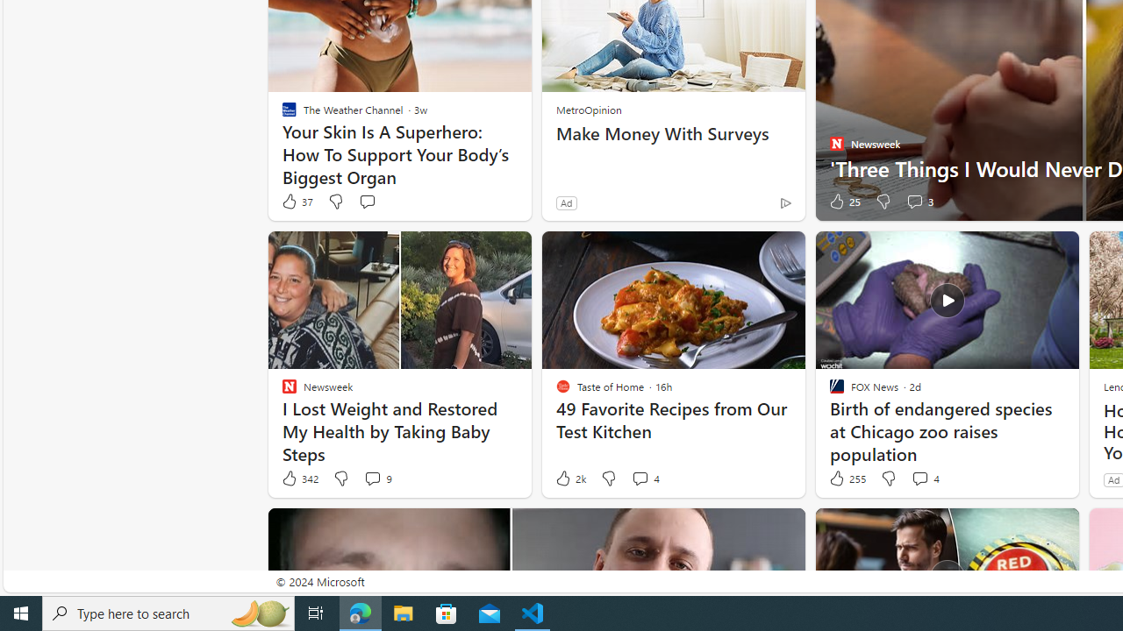 This screenshot has width=1123, height=631. I want to click on '255 Like', so click(846, 479).